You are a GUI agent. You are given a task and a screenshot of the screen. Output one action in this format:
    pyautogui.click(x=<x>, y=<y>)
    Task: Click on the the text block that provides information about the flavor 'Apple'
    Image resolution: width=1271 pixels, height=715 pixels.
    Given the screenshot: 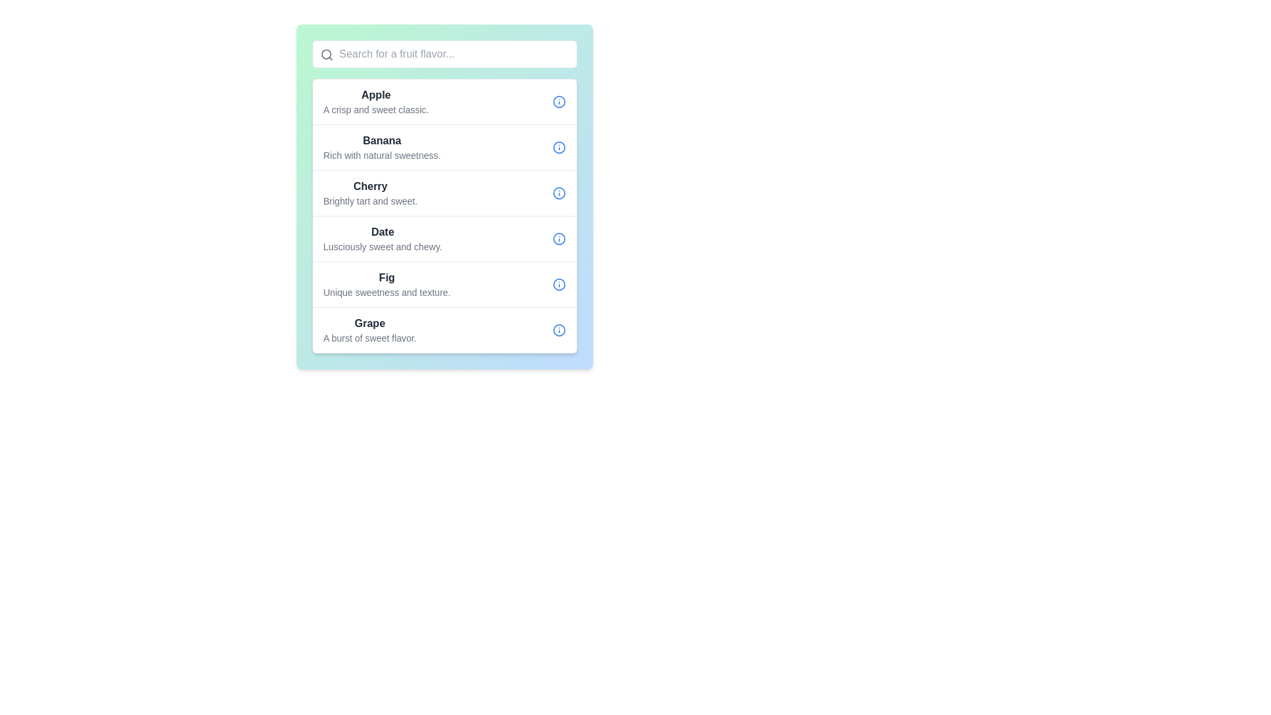 What is the action you would take?
    pyautogui.click(x=375, y=101)
    